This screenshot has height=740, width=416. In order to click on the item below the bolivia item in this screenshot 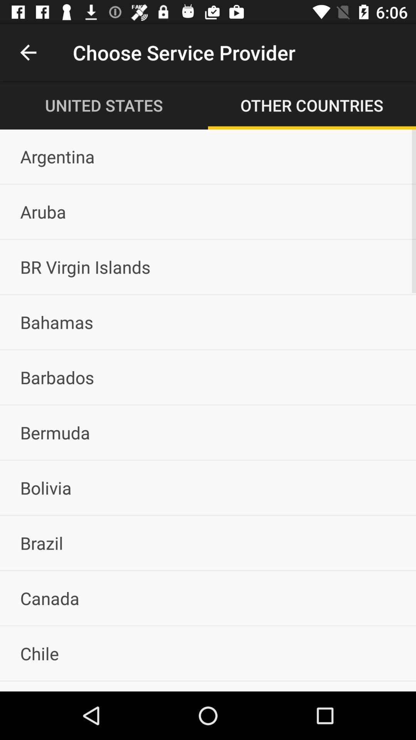, I will do `click(208, 542)`.